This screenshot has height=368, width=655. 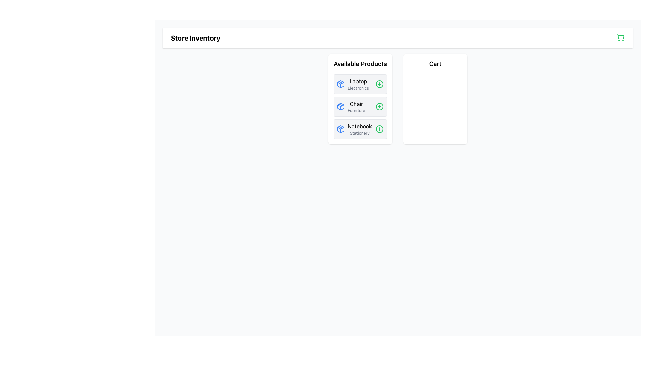 What do you see at coordinates (379, 129) in the screenshot?
I see `the green circular add button with a plus sign, located to the right of 'Notebook Stationery' in the 'Available Products' list` at bounding box center [379, 129].